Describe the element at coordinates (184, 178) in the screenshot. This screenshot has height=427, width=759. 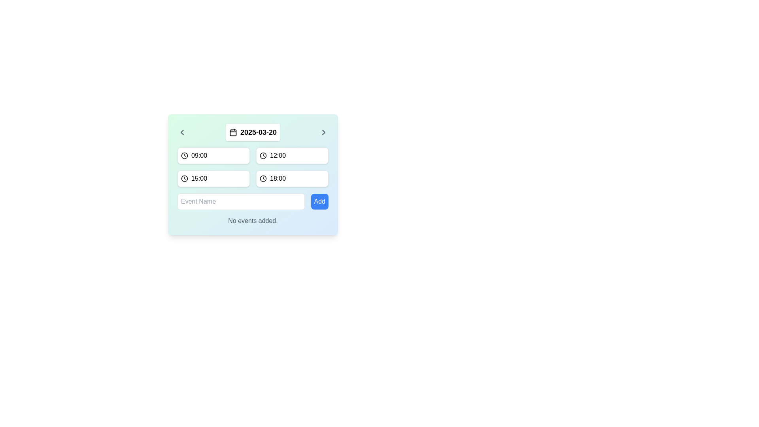
I see `the clock icon in the time entry grid` at that location.